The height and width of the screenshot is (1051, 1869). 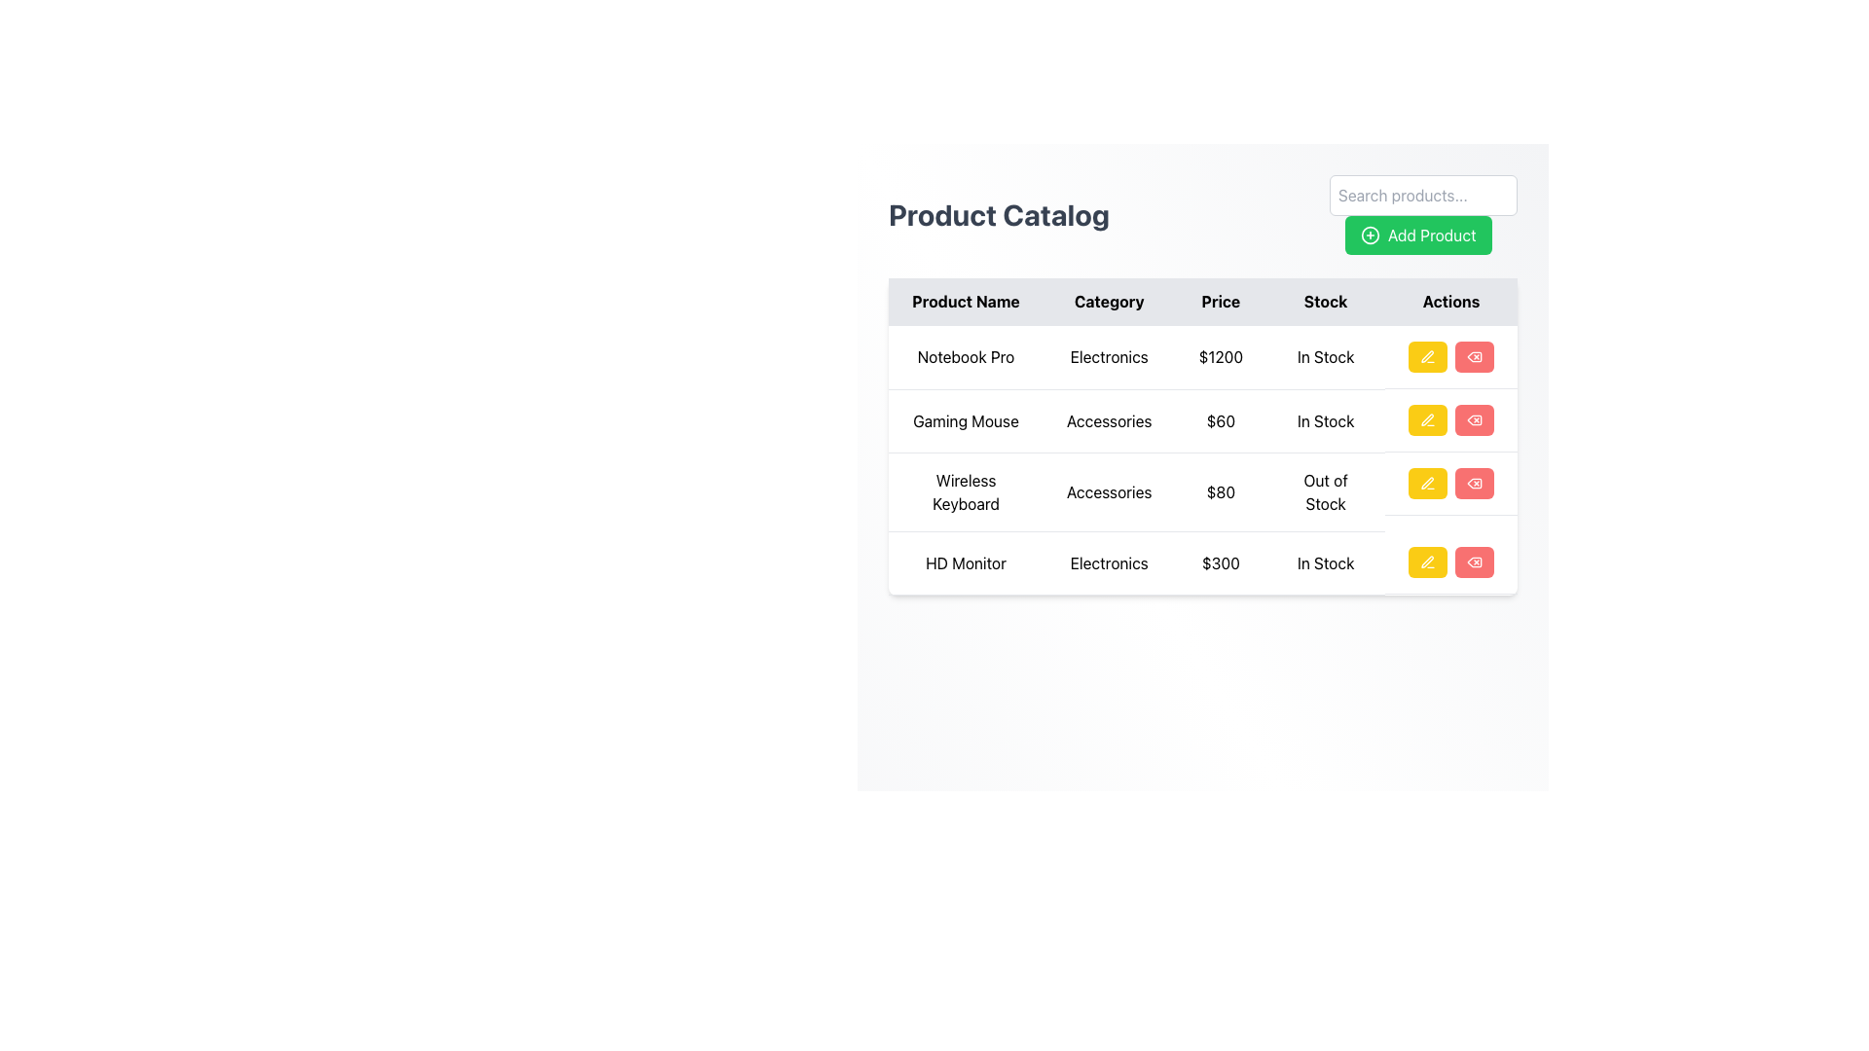 I want to click on text label indicating the stock status of the 'Wireless Keyboard' in the fourth column of the third row under the 'Stock' header, so click(x=1325, y=490).